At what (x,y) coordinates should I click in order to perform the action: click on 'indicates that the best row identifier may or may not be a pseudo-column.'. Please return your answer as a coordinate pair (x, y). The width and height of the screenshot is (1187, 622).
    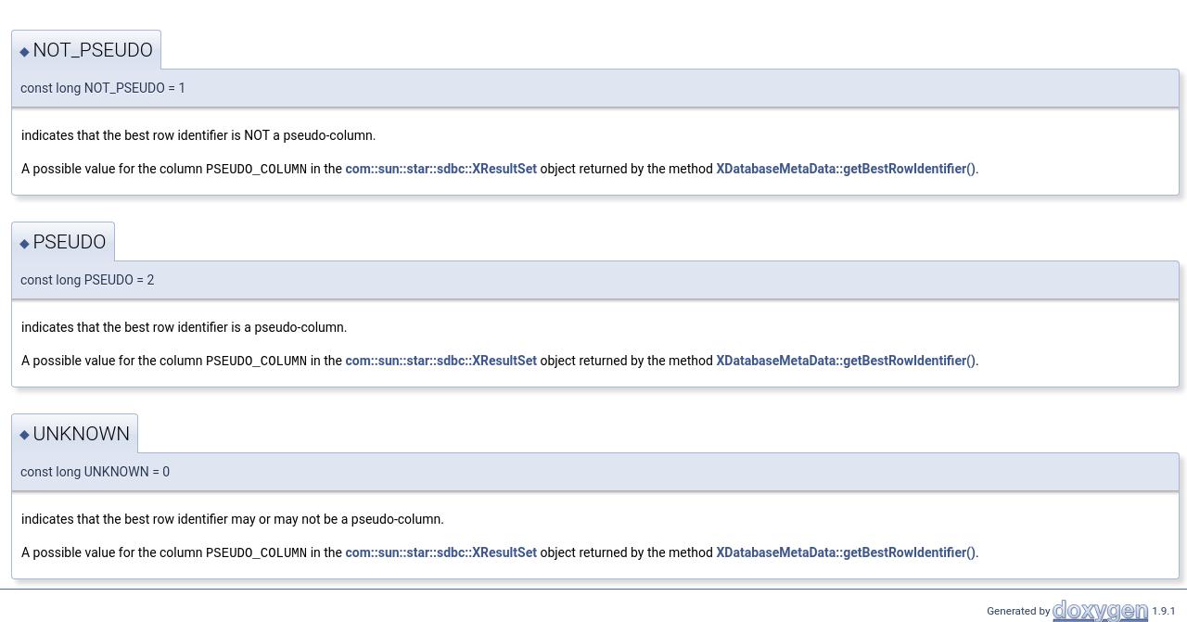
    Looking at the image, I should click on (231, 517).